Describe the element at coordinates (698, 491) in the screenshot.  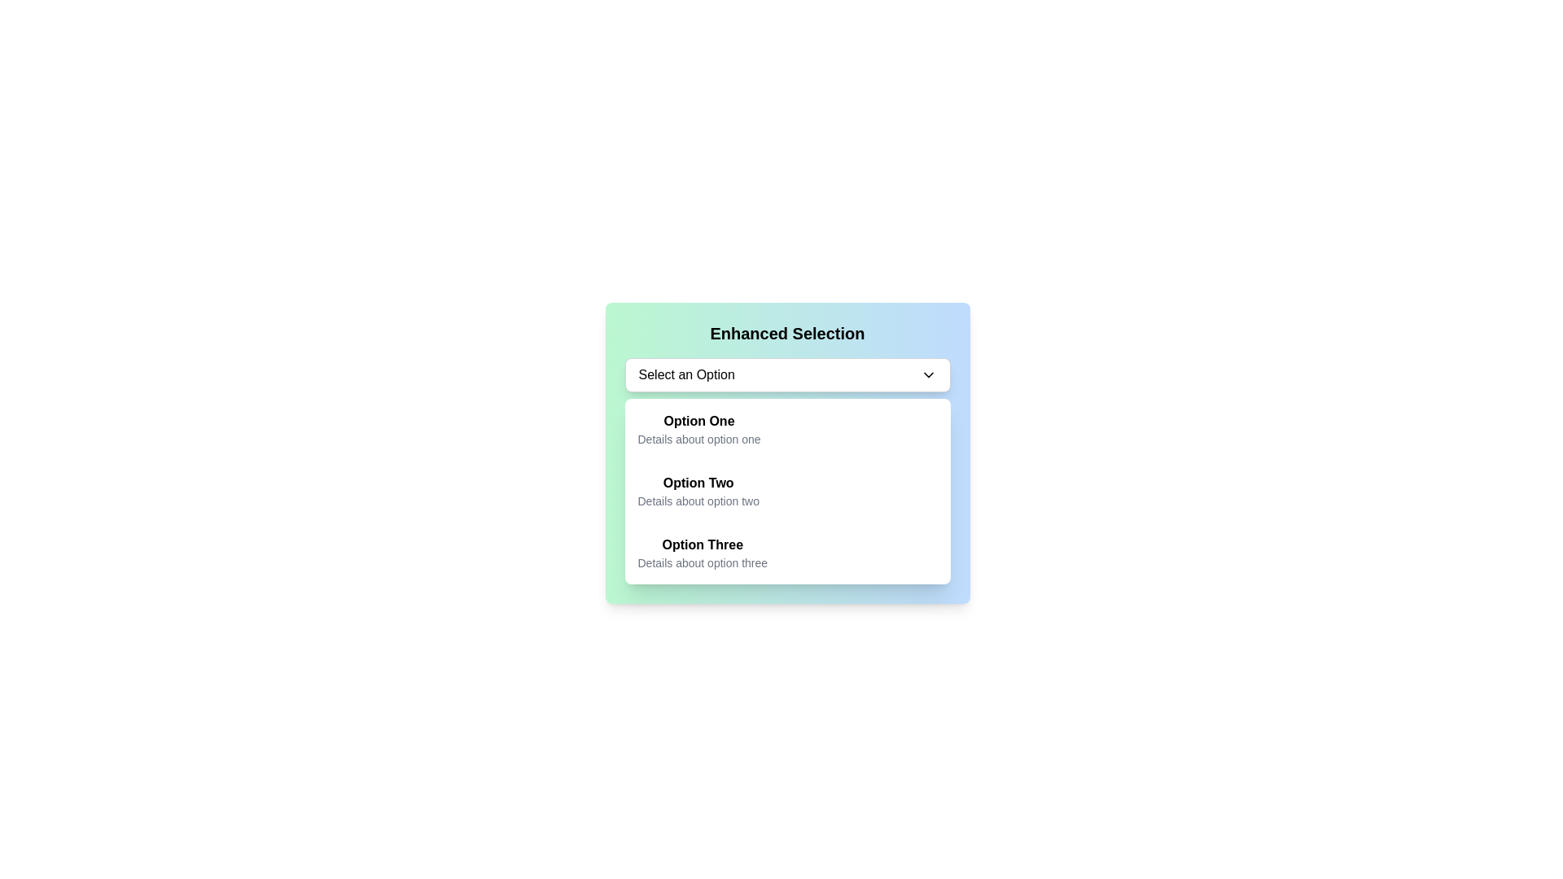
I see `the second item in the dropdown menu, which is located between 'Option One' and 'Option Three'` at that location.